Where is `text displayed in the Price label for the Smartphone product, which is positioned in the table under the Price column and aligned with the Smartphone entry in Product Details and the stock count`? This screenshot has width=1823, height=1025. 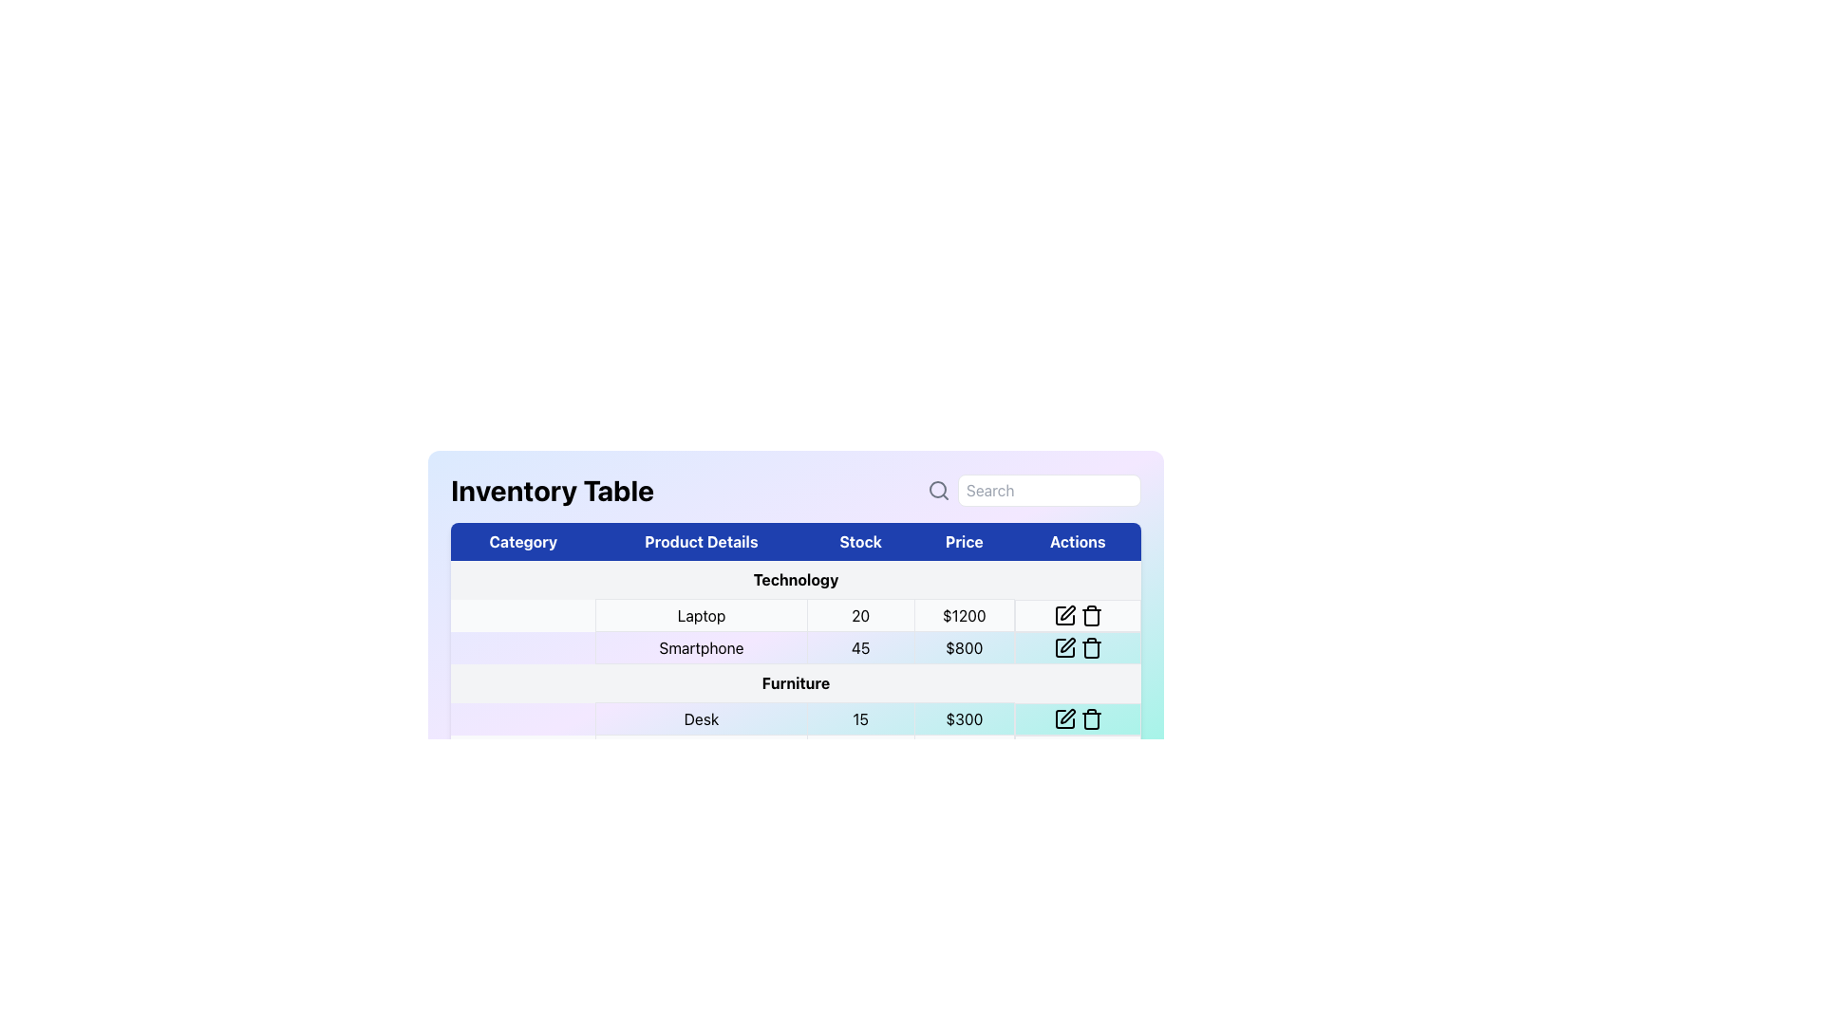
text displayed in the Price label for the Smartphone product, which is positioned in the table under the Price column and aligned with the Smartphone entry in Product Details and the stock count is located at coordinates (964, 646).